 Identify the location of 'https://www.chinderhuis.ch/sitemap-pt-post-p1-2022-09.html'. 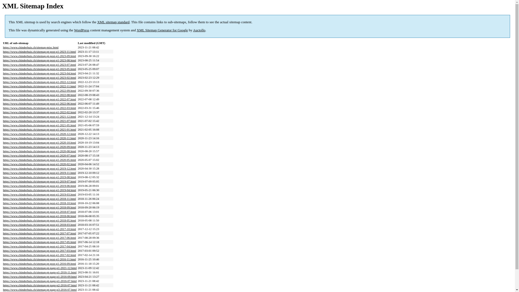
(39, 90).